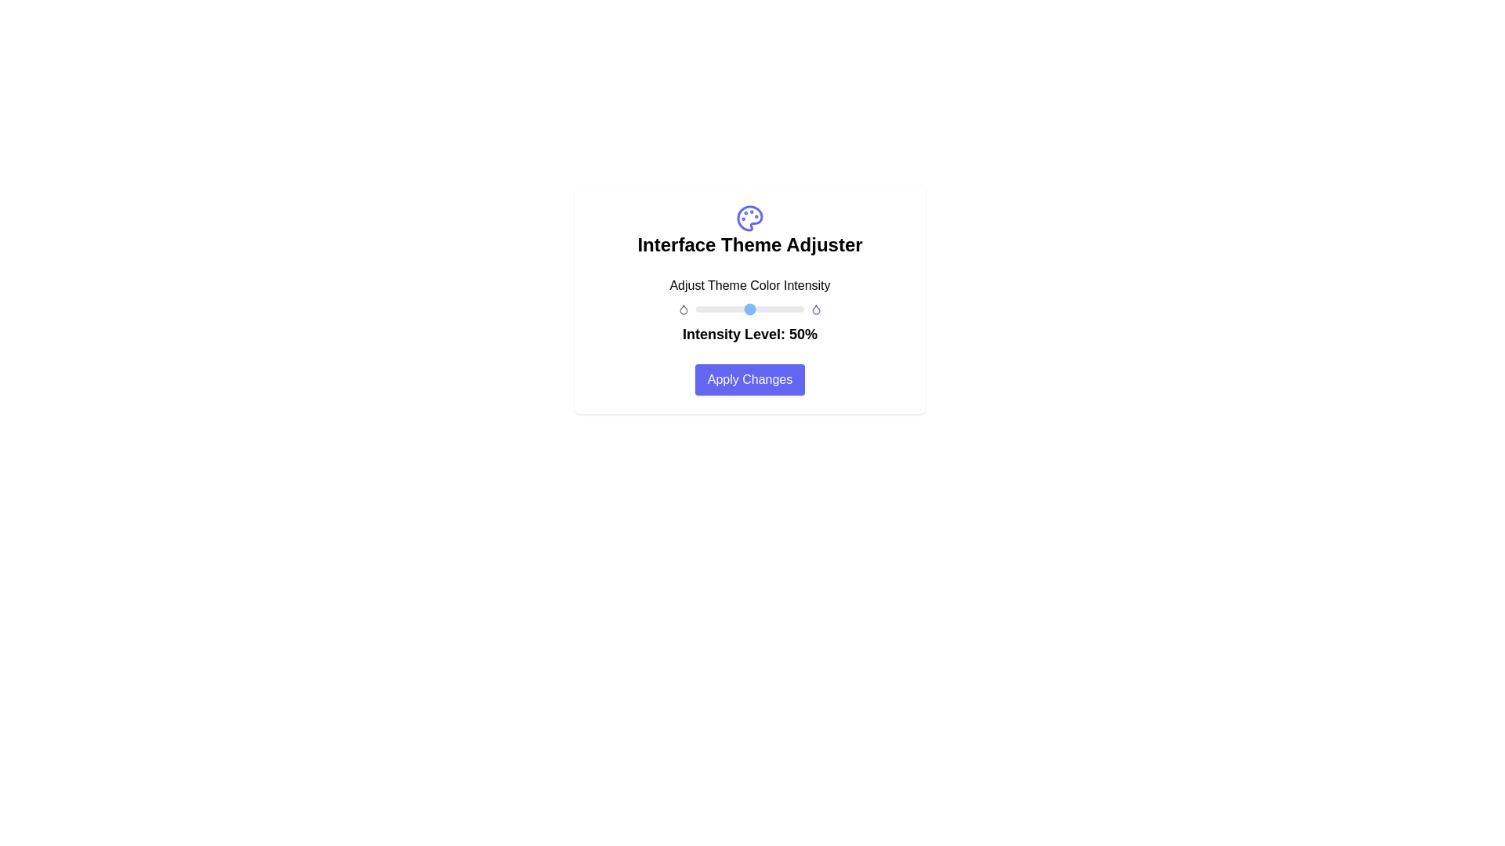 This screenshot has height=846, width=1505. Describe the element at coordinates (760, 309) in the screenshot. I see `the color intensity to 59% using the slider` at that location.